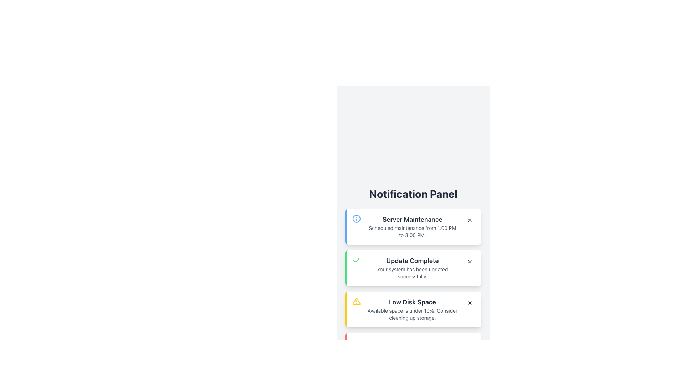  What do you see at coordinates (356, 301) in the screenshot?
I see `the yellow triangular icon with rounded corners located to the left of the 'Low Disk Space' message text in the third notification card` at bounding box center [356, 301].